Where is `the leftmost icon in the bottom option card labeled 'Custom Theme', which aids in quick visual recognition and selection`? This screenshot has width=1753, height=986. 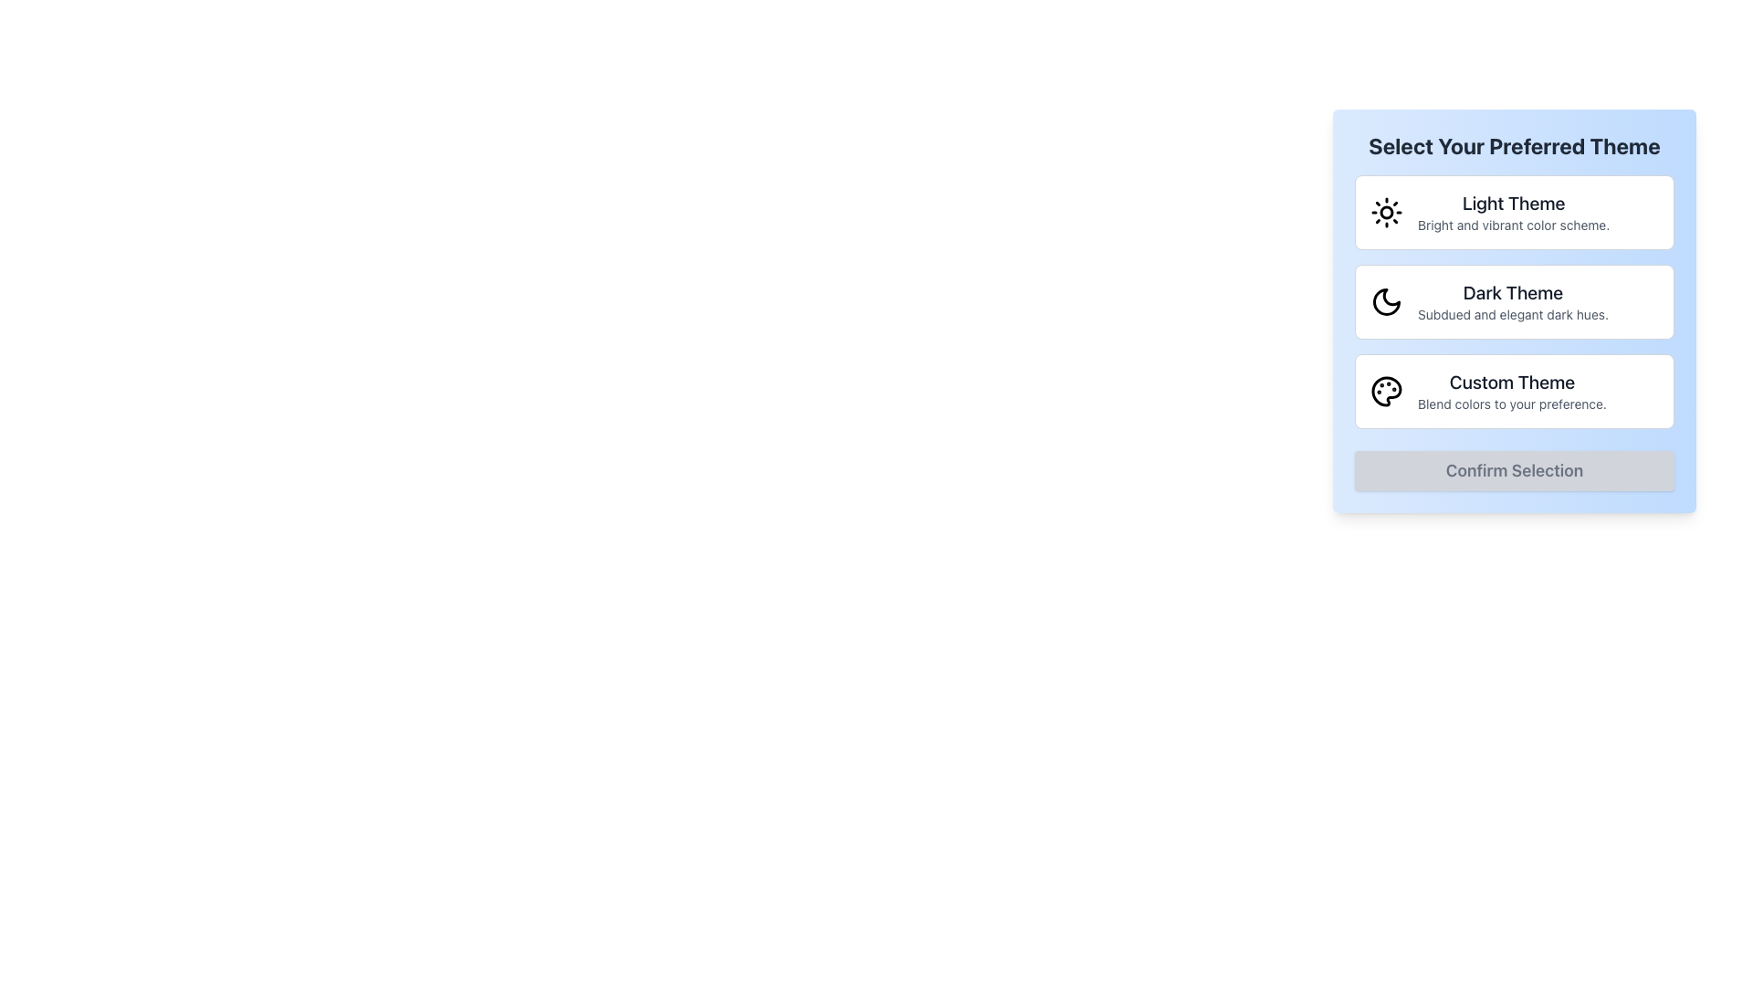
the leftmost icon in the bottom option card labeled 'Custom Theme', which aids in quick visual recognition and selection is located at coordinates (1386, 390).